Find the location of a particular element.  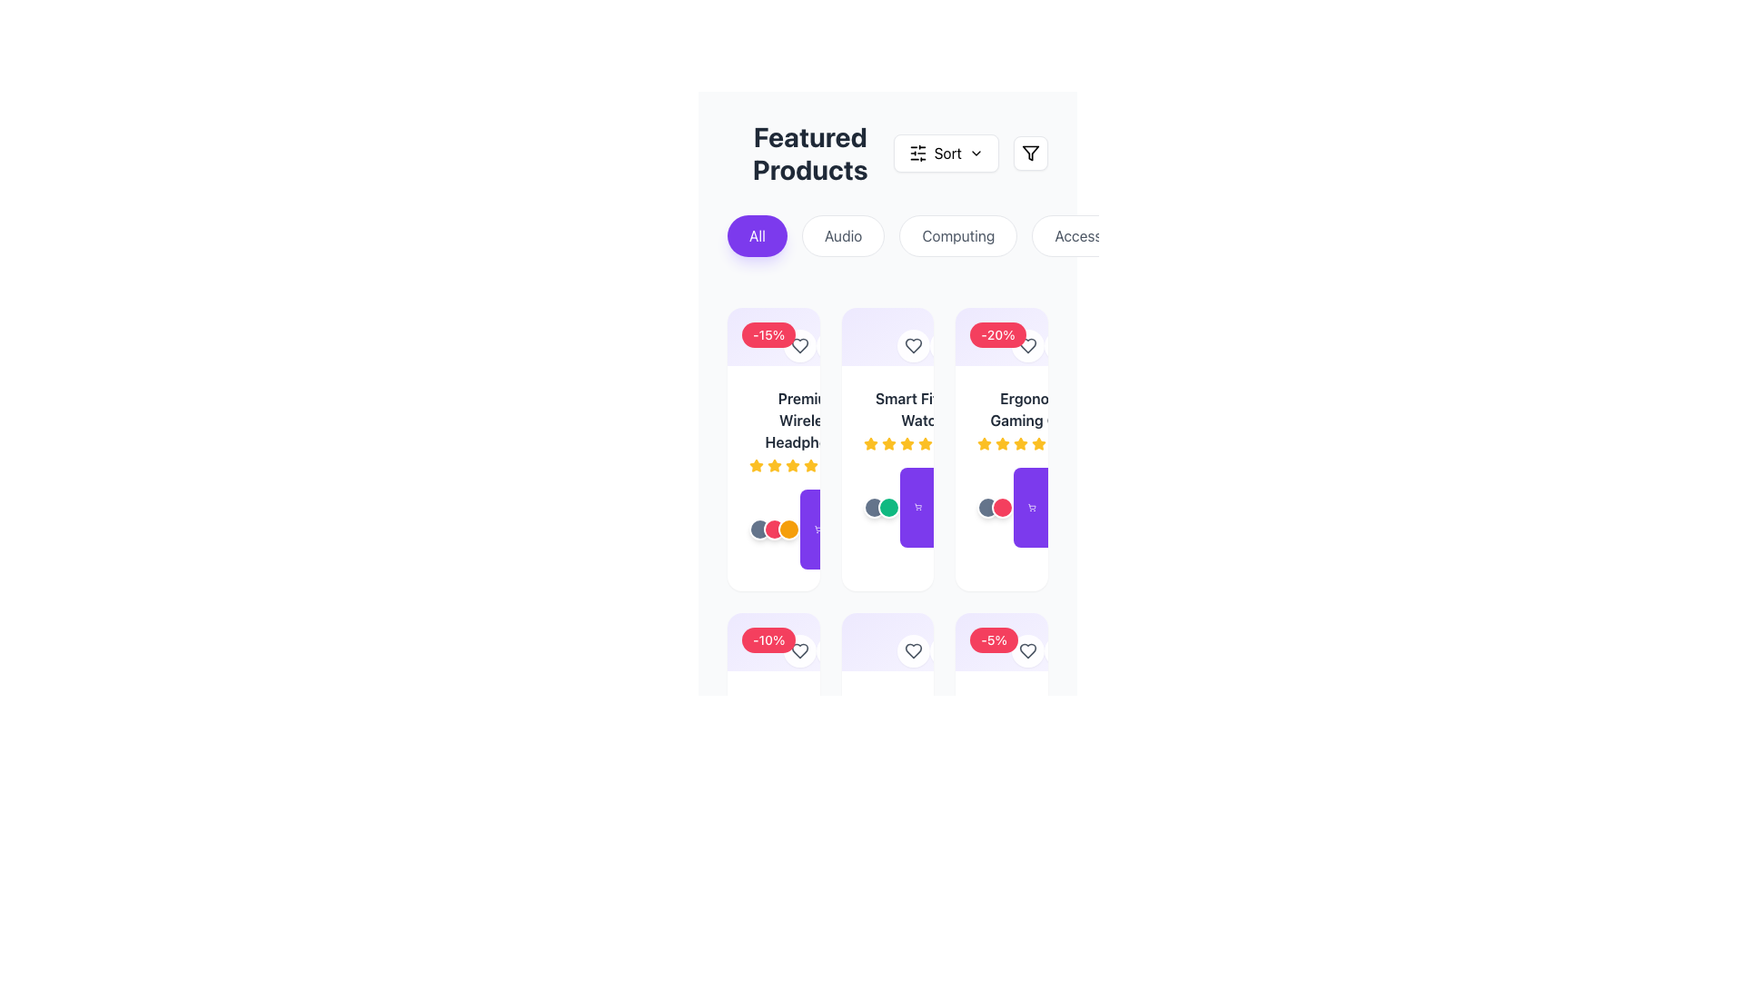

the Filter icon located in the top-right corner of the interface is located at coordinates (1030, 153).